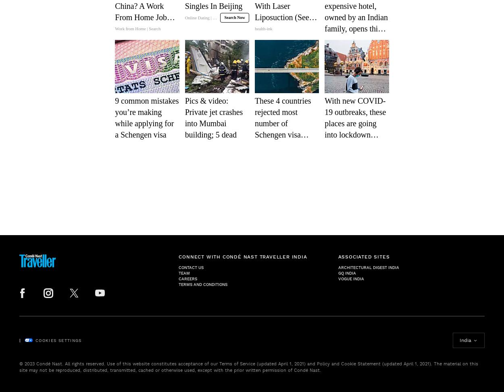 The image size is (504, 392). I want to click on 'Cookies Settings', so click(58, 340).